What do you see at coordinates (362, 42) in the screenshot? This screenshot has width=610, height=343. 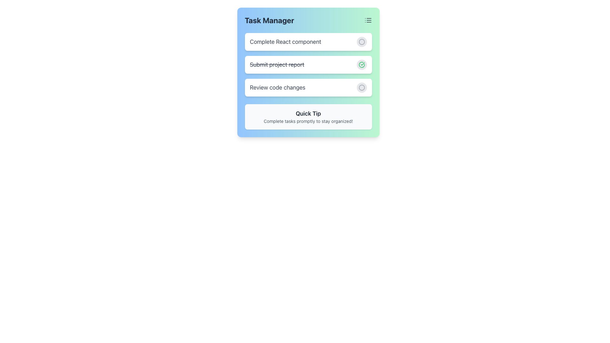 I see `the circular button with a light gray background and unfilled circle icon` at bounding box center [362, 42].